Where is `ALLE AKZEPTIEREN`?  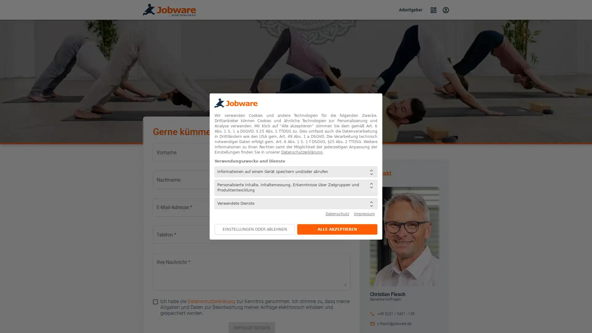 ALLE AKZEPTIEREN is located at coordinates (337, 229).